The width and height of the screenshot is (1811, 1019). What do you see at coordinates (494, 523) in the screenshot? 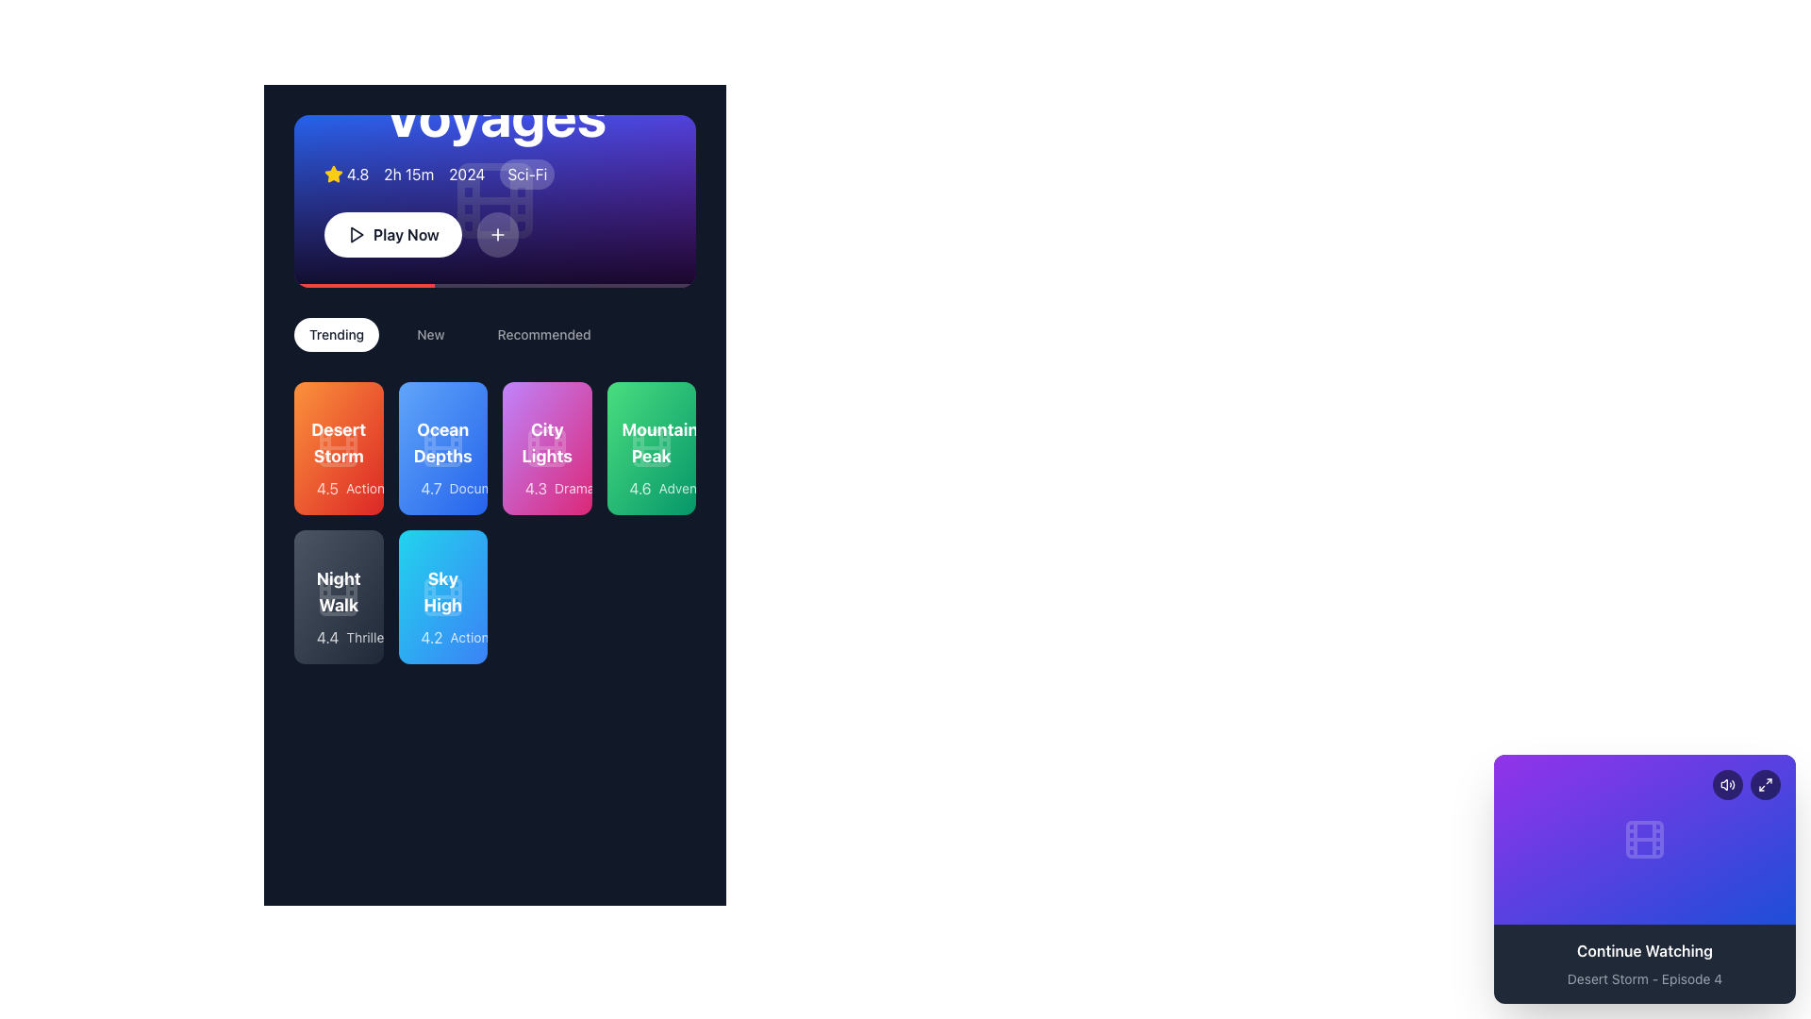
I see `a specific movie card within the 'Trending' grid layout` at bounding box center [494, 523].